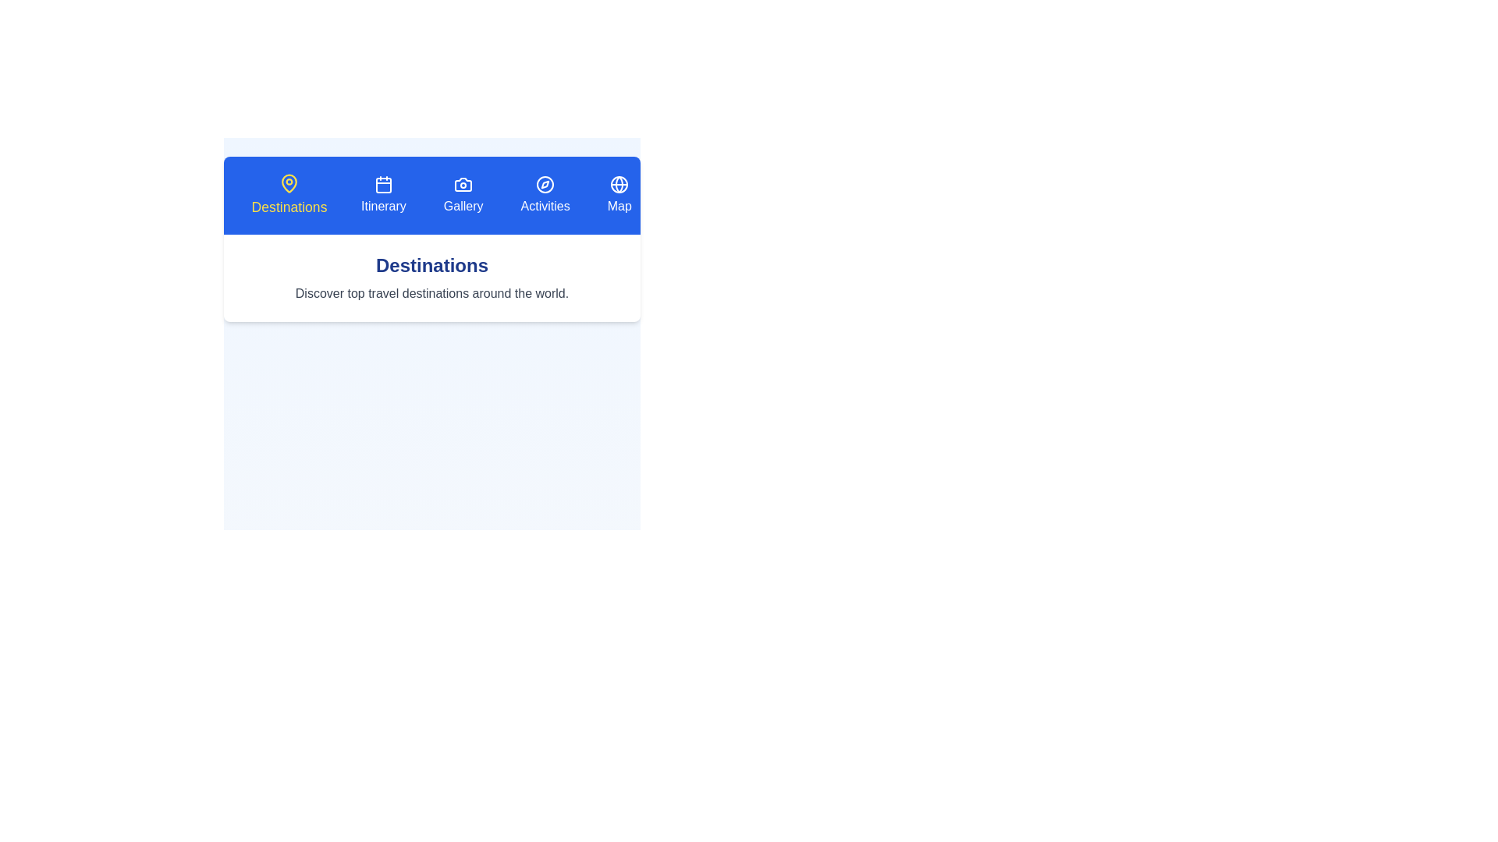 This screenshot has height=842, width=1498. What do you see at coordinates (619, 194) in the screenshot?
I see `the button with a globe icon and the text 'Map' located at the far right of the navigation bar to trigger the scaling effect` at bounding box center [619, 194].